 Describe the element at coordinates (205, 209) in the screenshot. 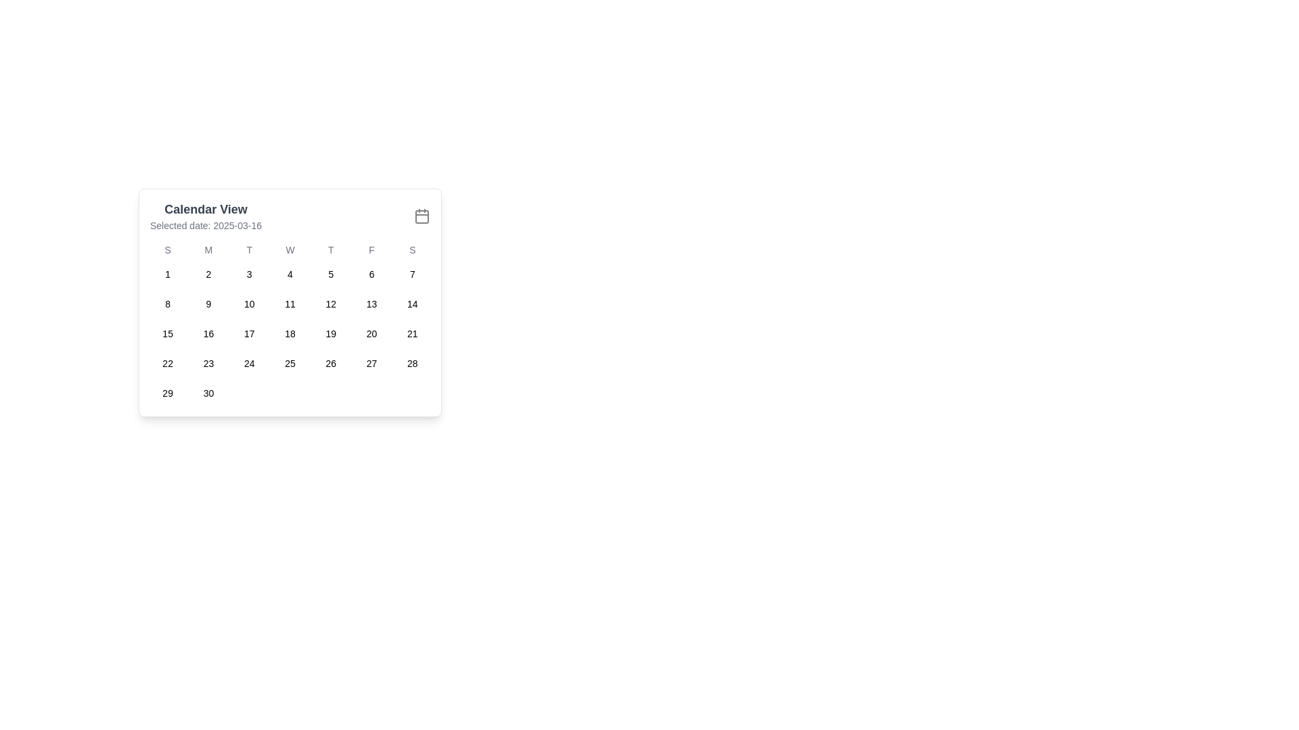

I see `the bold text label reading 'Calendar View', which is located at the upper left of the calendar widget on the white panel` at that location.